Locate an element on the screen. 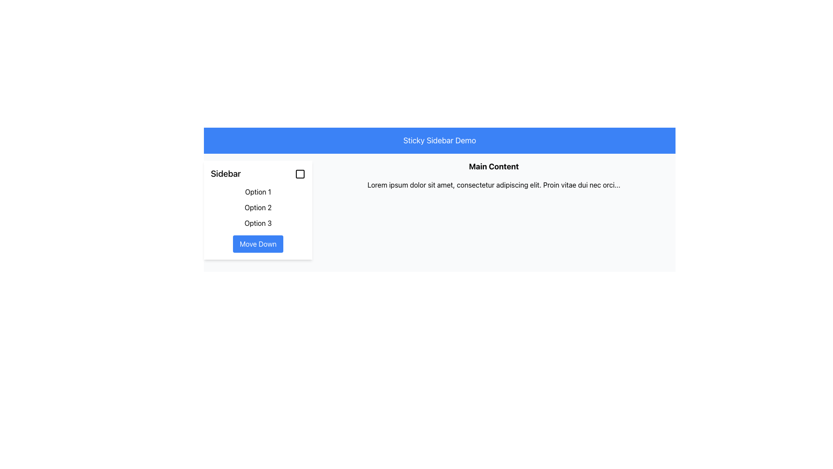 Image resolution: width=833 pixels, height=469 pixels. the bold, black text heading labeled 'Main Content', which is centrally aligned at the top of the main content area is located at coordinates (494, 167).